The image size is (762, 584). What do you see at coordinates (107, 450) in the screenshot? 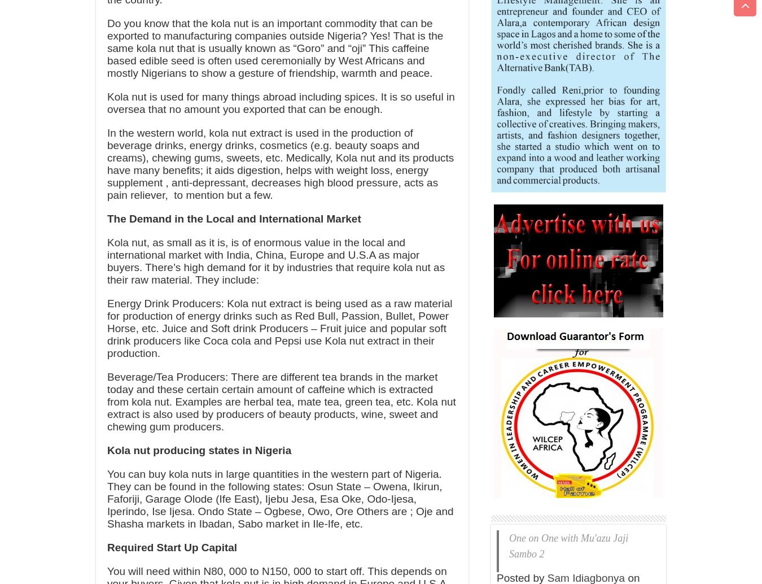
I see `'Kola nut producing states in Nigeria'` at bounding box center [107, 450].